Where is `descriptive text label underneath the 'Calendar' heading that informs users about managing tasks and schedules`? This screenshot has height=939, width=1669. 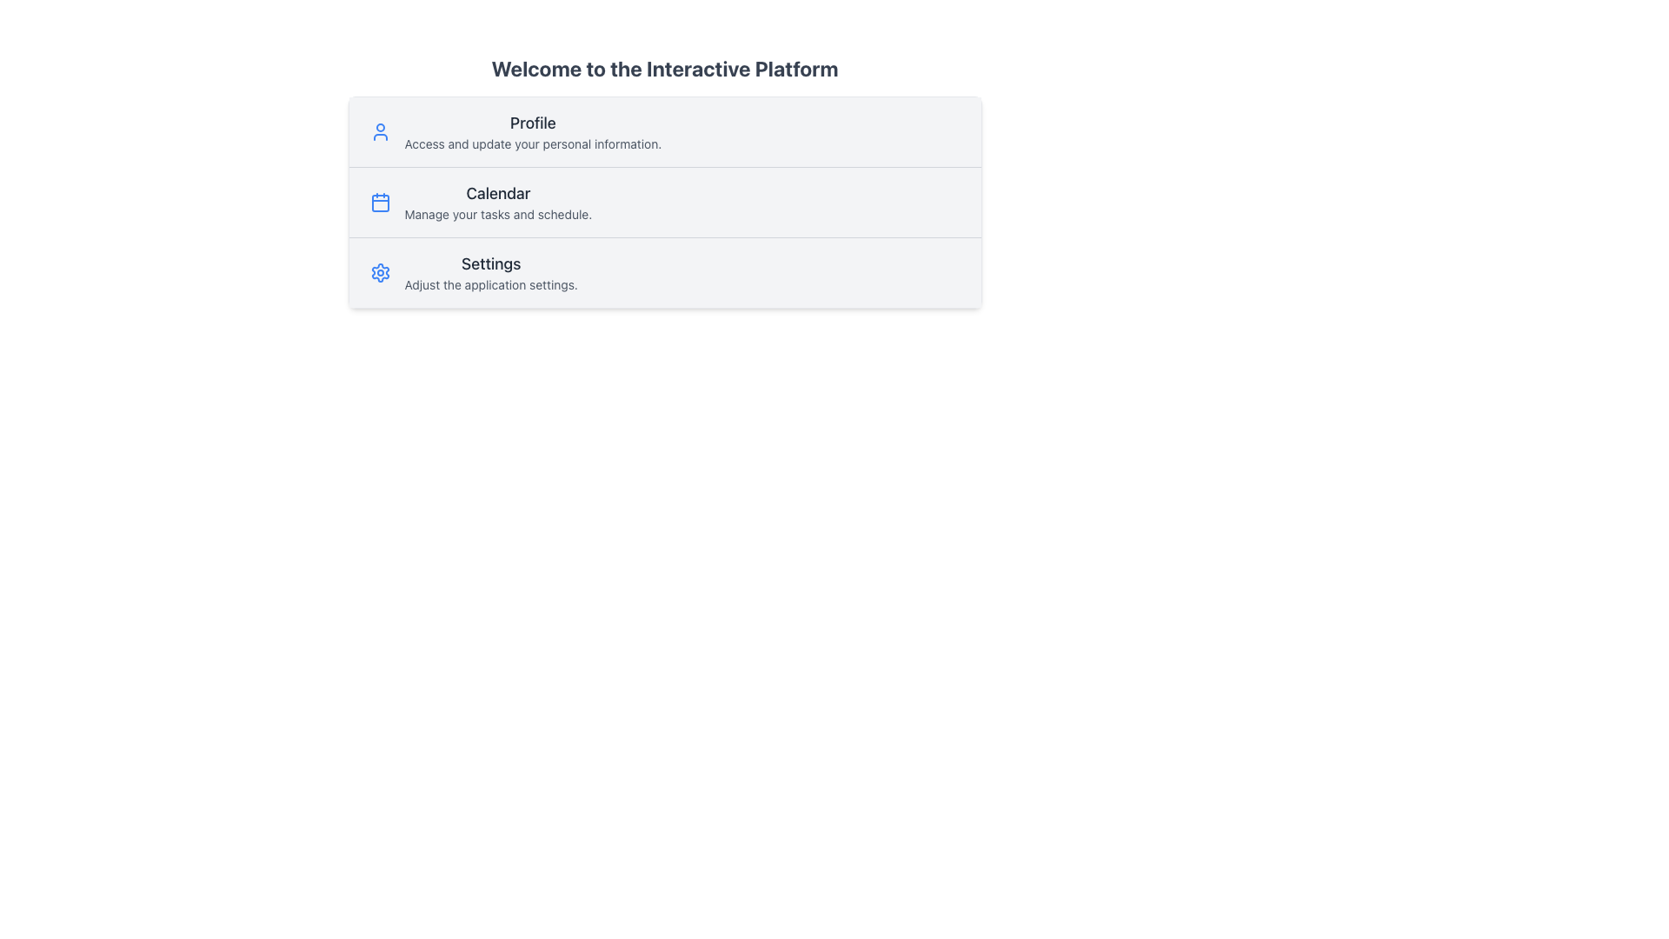 descriptive text label underneath the 'Calendar' heading that informs users about managing tasks and schedules is located at coordinates (497, 213).